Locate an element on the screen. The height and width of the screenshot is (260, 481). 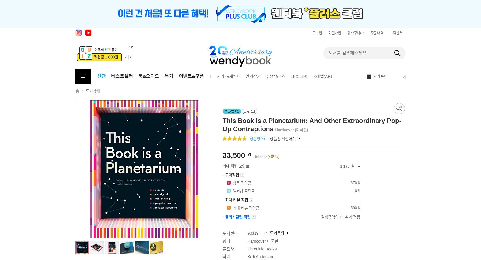
'2' is located at coordinates (368, 26).